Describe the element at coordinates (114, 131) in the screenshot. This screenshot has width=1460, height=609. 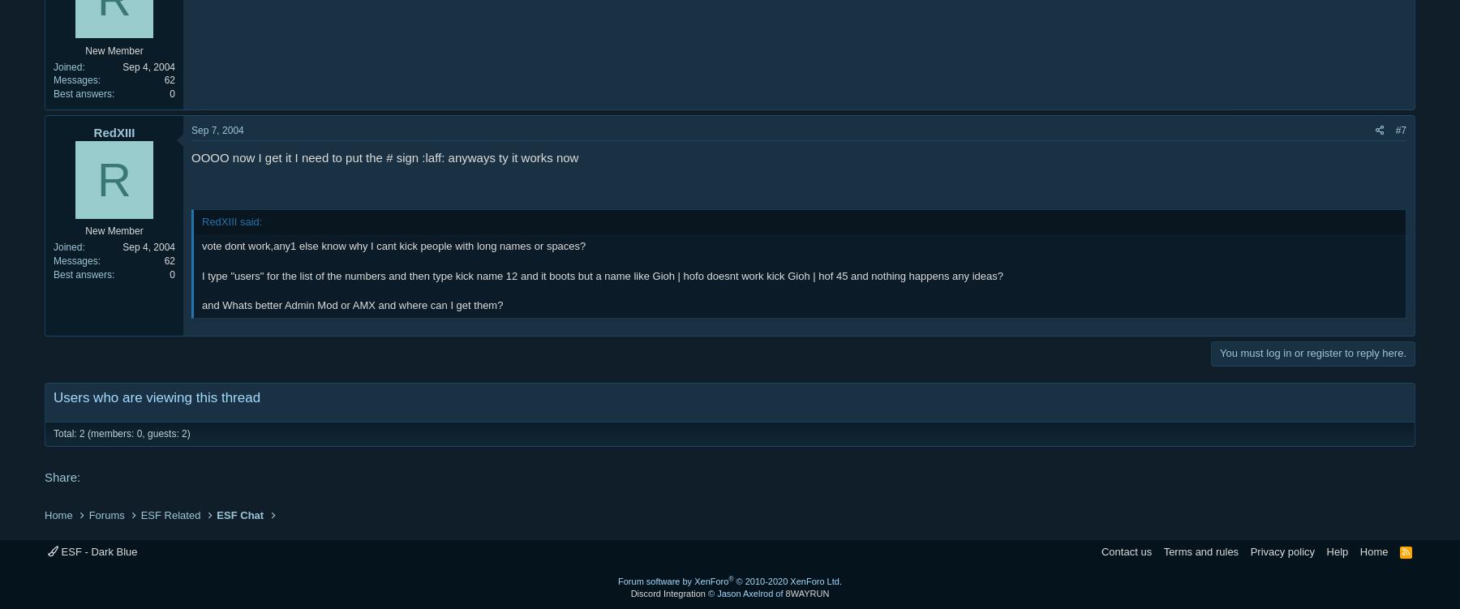
I see `'RedXIII'` at that location.